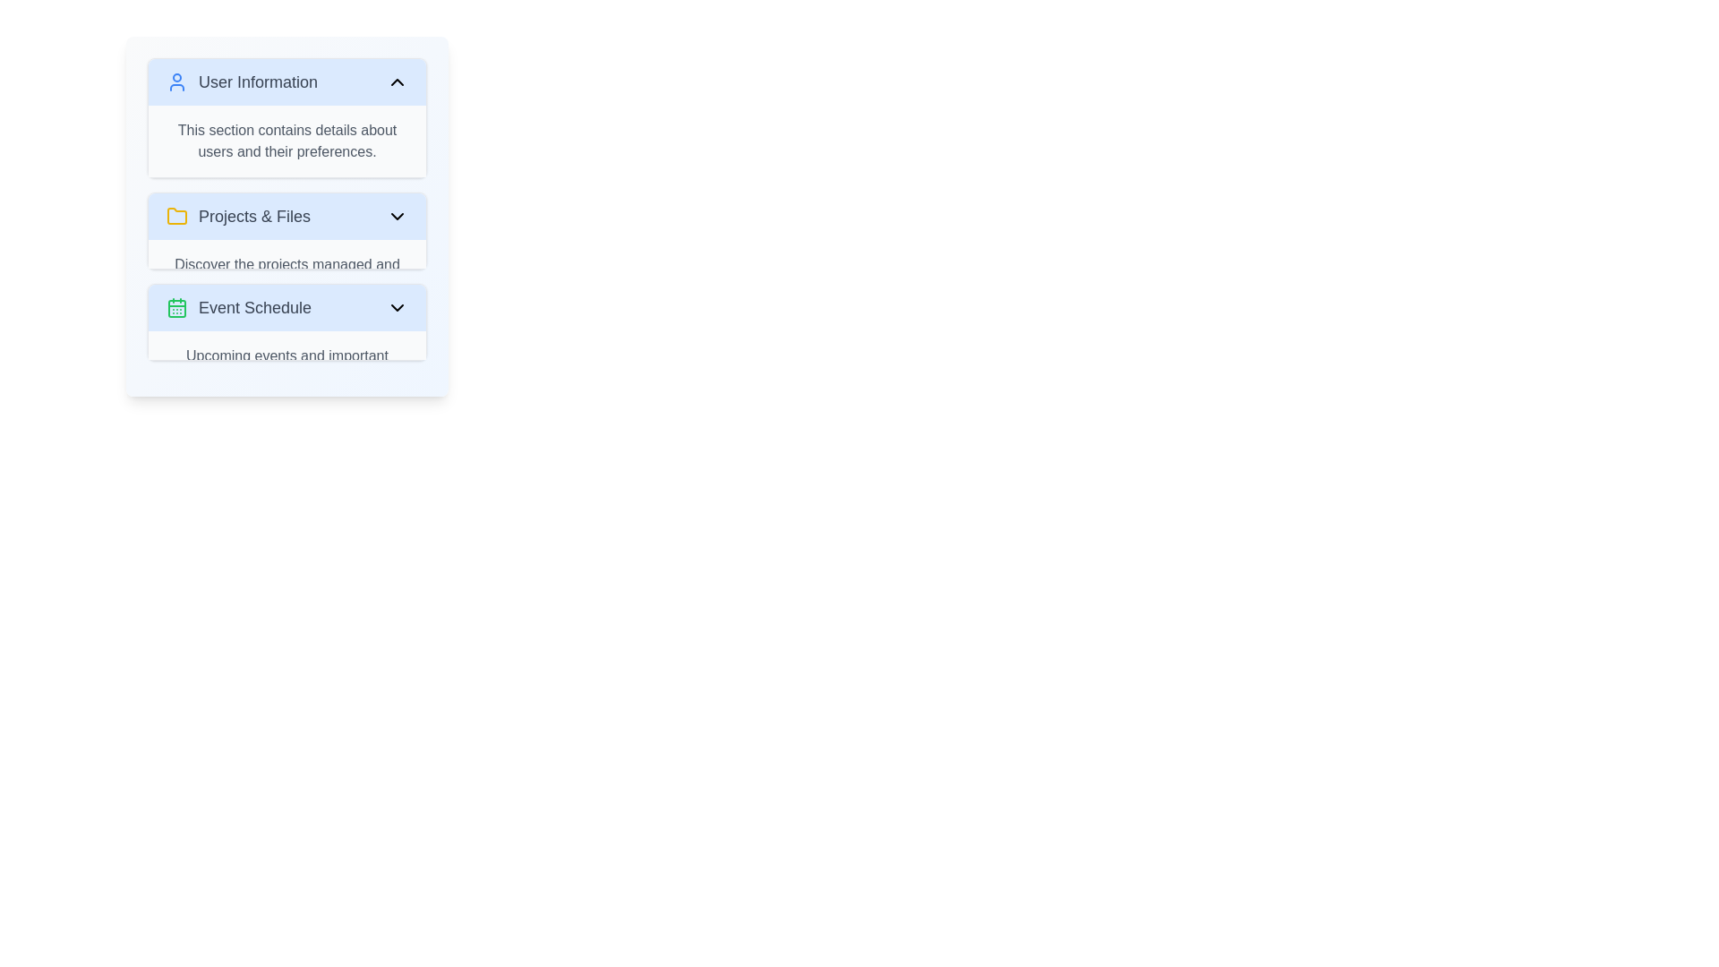 This screenshot has width=1719, height=967. What do you see at coordinates (287, 254) in the screenshot?
I see `the informative text stating 'Discover the projects managed and associated files here.' located inside the light blue expandable panel labeled 'Projects & Files'` at bounding box center [287, 254].